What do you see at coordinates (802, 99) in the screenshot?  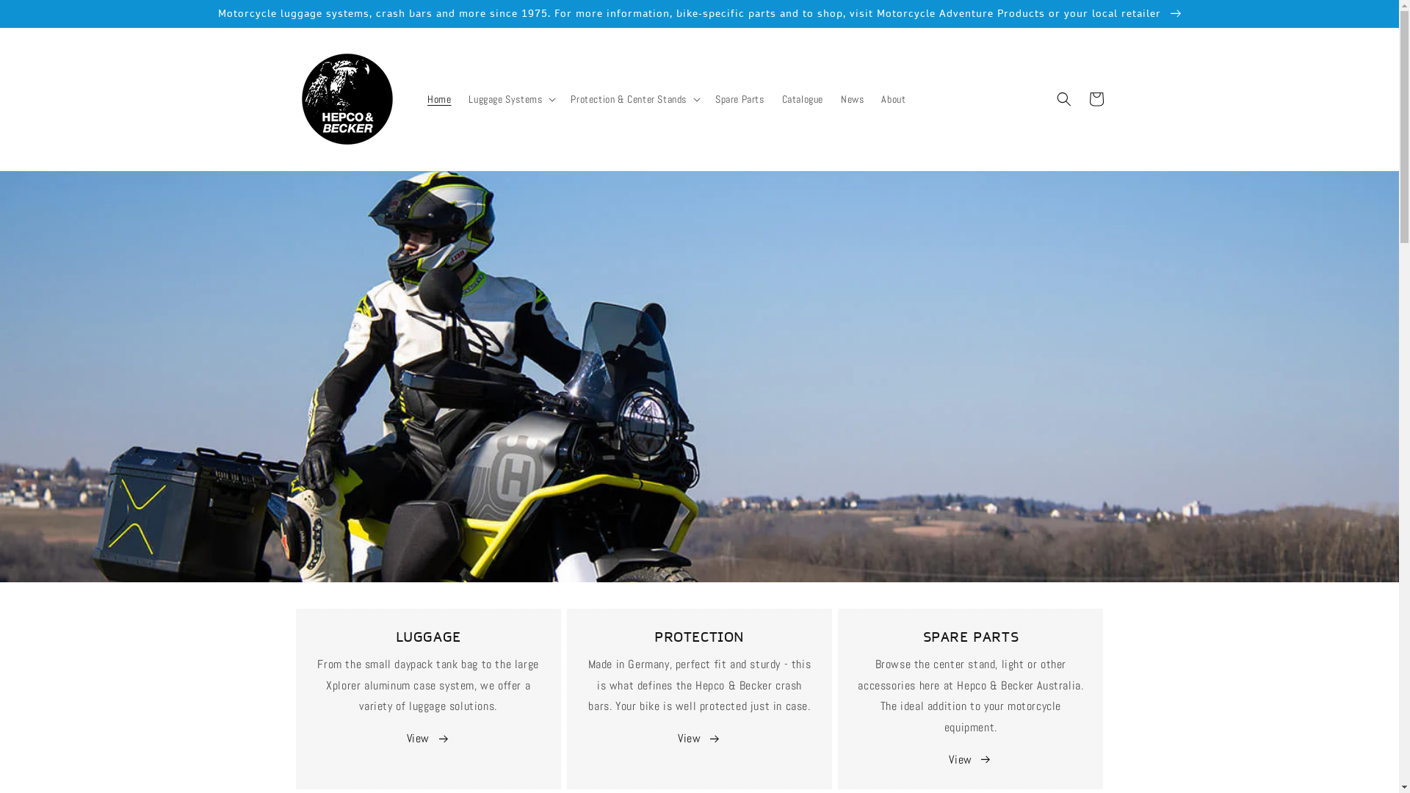 I see `'Catalogue'` at bounding box center [802, 99].